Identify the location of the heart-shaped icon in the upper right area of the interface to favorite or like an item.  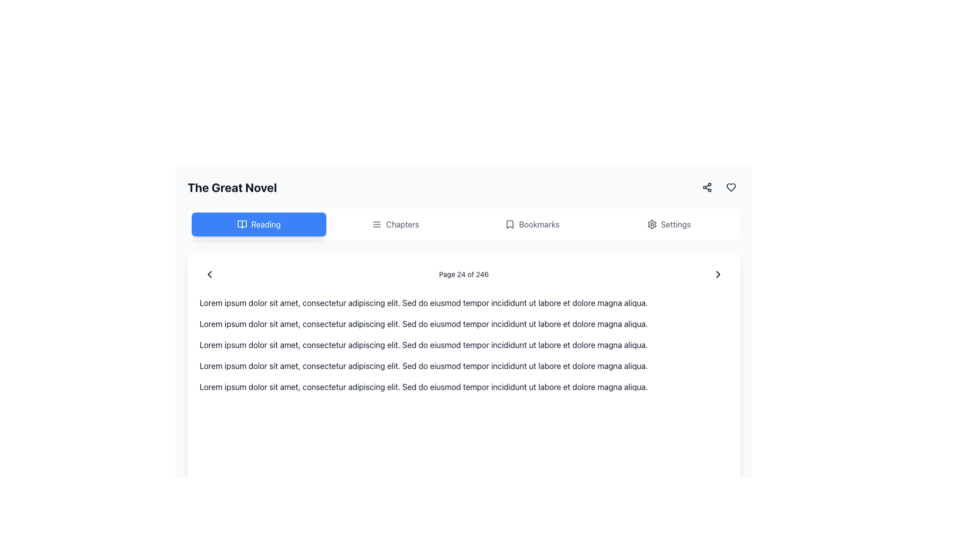
(731, 187).